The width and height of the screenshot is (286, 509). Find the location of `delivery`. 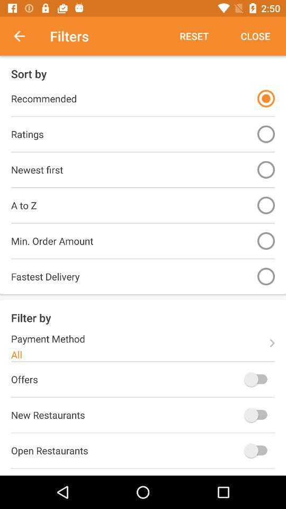

delivery is located at coordinates (265, 276).